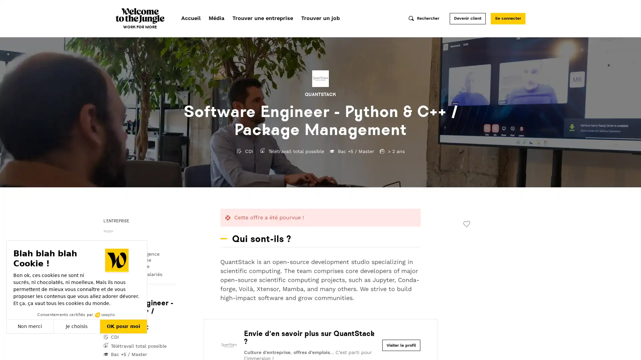 The width and height of the screenshot is (641, 360). Describe the element at coordinates (76, 315) in the screenshot. I see `Consentements certifies par` at that location.